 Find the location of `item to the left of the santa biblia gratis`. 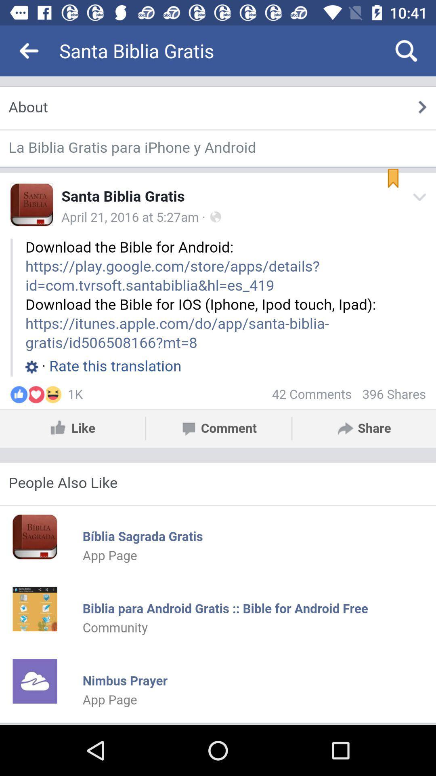

item to the left of the santa biblia gratis is located at coordinates (29, 50).